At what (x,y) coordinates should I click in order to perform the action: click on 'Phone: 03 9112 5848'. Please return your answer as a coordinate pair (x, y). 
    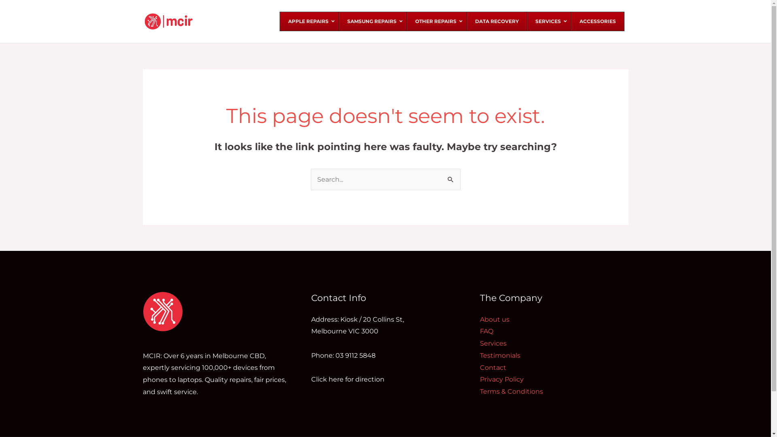
    Looking at the image, I should click on (343, 361).